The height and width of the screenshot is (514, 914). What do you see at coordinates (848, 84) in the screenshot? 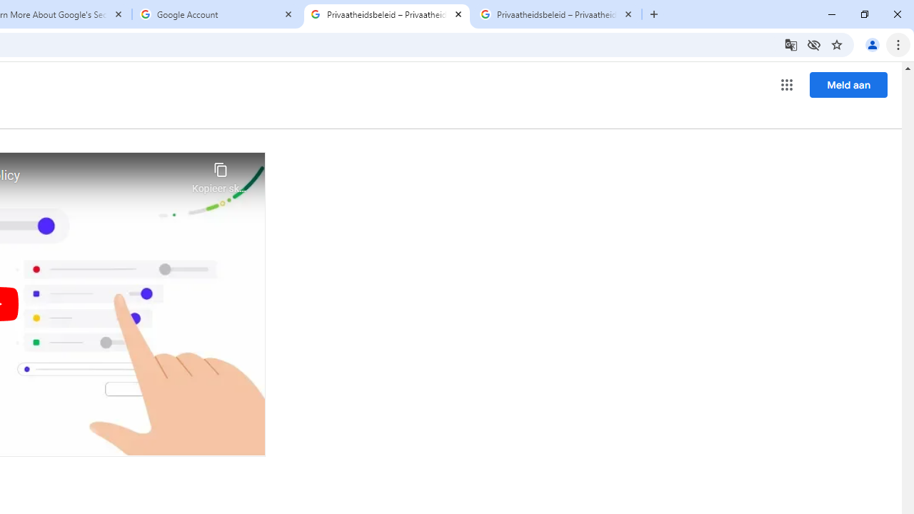
I see `'Meld aan'` at bounding box center [848, 84].